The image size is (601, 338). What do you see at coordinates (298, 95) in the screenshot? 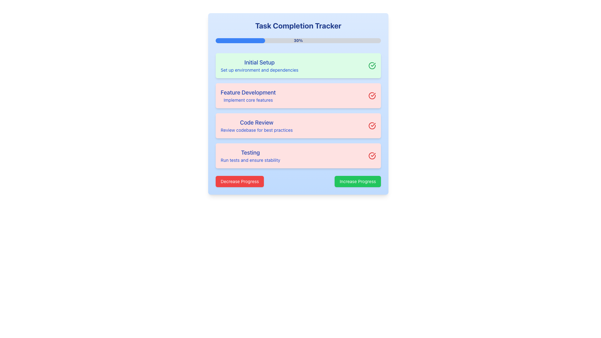
I see `the Task item display block titled 'Feature Development' which indicates the task's current state and progress, located between 'Initial Setup' and 'Code Review'` at bounding box center [298, 95].